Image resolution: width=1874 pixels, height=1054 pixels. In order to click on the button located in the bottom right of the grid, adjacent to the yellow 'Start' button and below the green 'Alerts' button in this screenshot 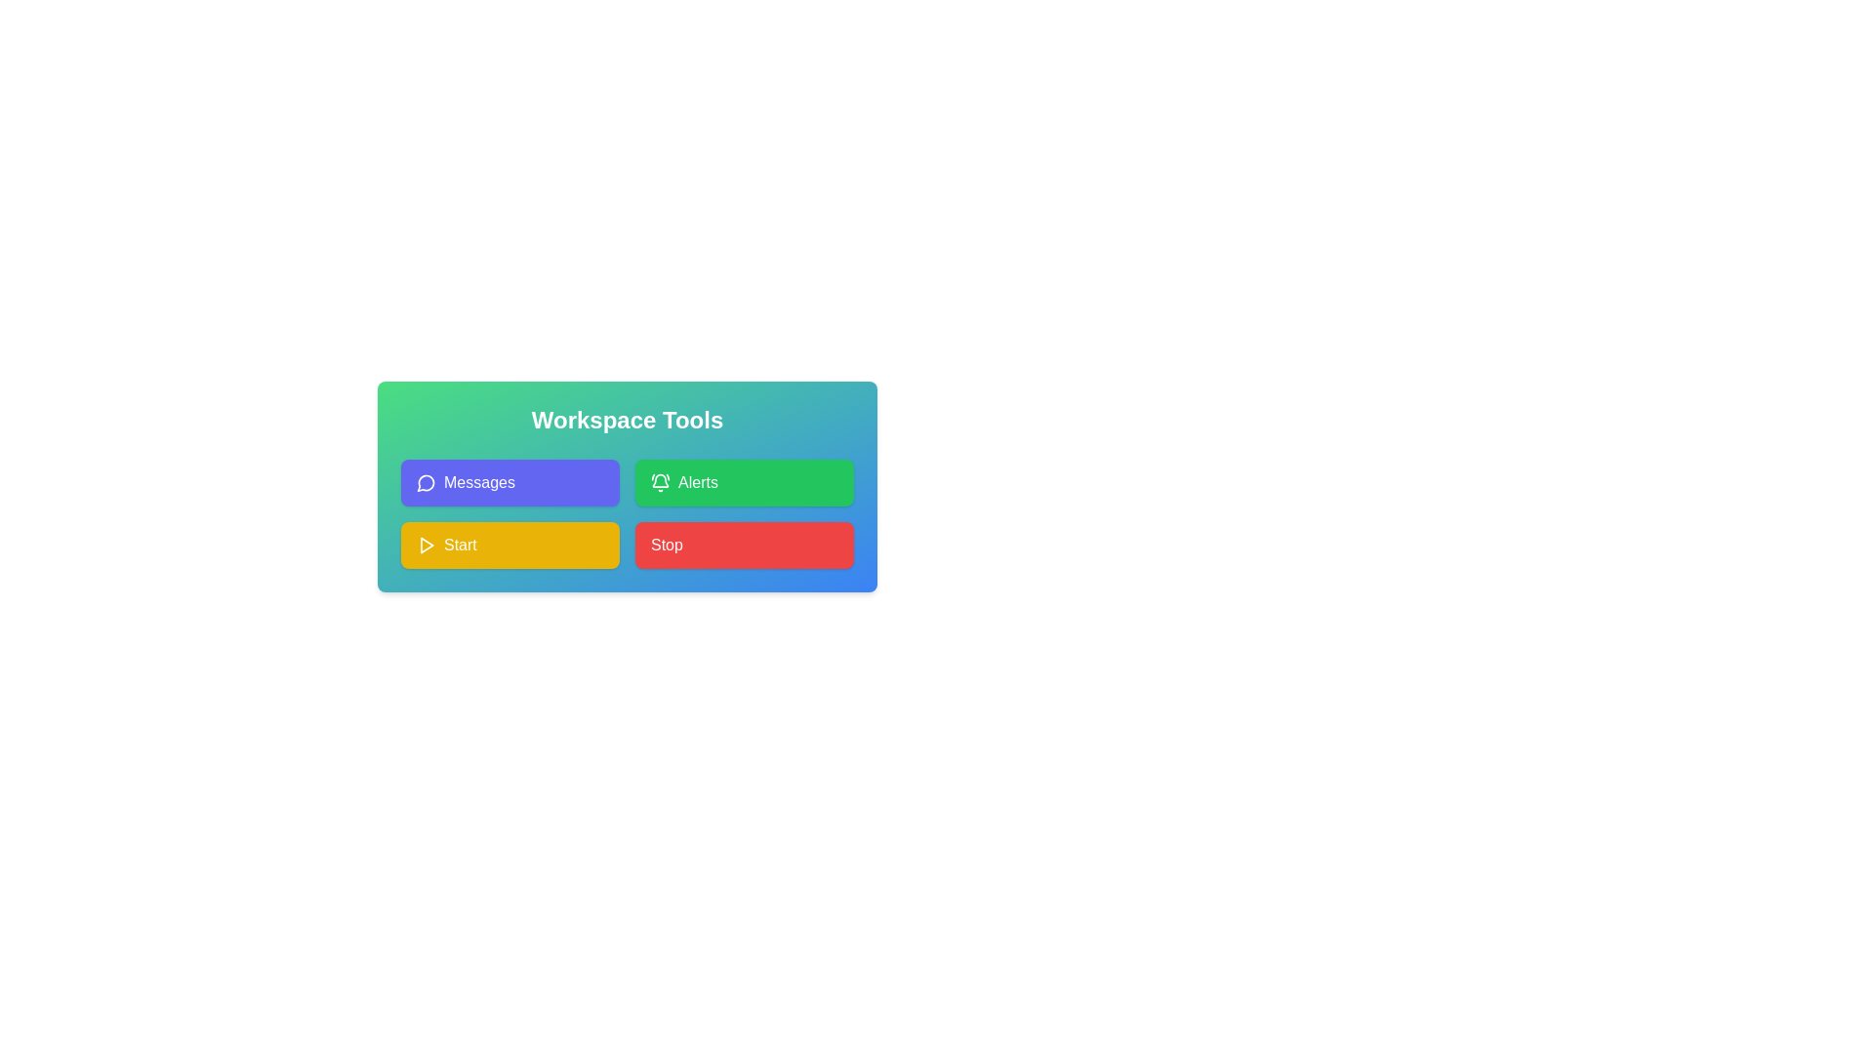, I will do `click(744, 546)`.